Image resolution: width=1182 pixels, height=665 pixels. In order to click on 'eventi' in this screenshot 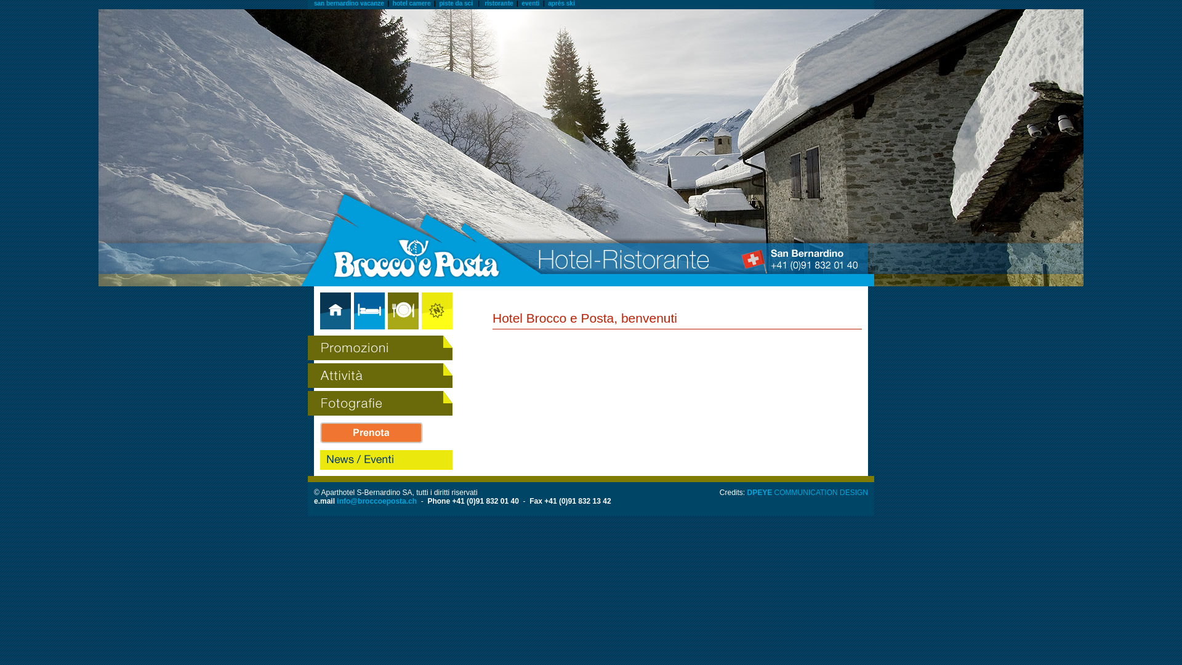, I will do `click(530, 3)`.